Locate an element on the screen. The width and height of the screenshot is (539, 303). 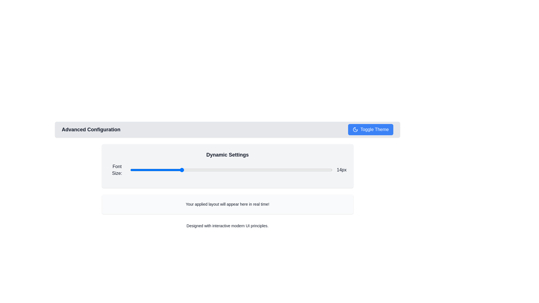
the moon-shaped icon located inside the 'Toggle Theme' button, positioned near the top-right corner of the interface is located at coordinates (355, 130).